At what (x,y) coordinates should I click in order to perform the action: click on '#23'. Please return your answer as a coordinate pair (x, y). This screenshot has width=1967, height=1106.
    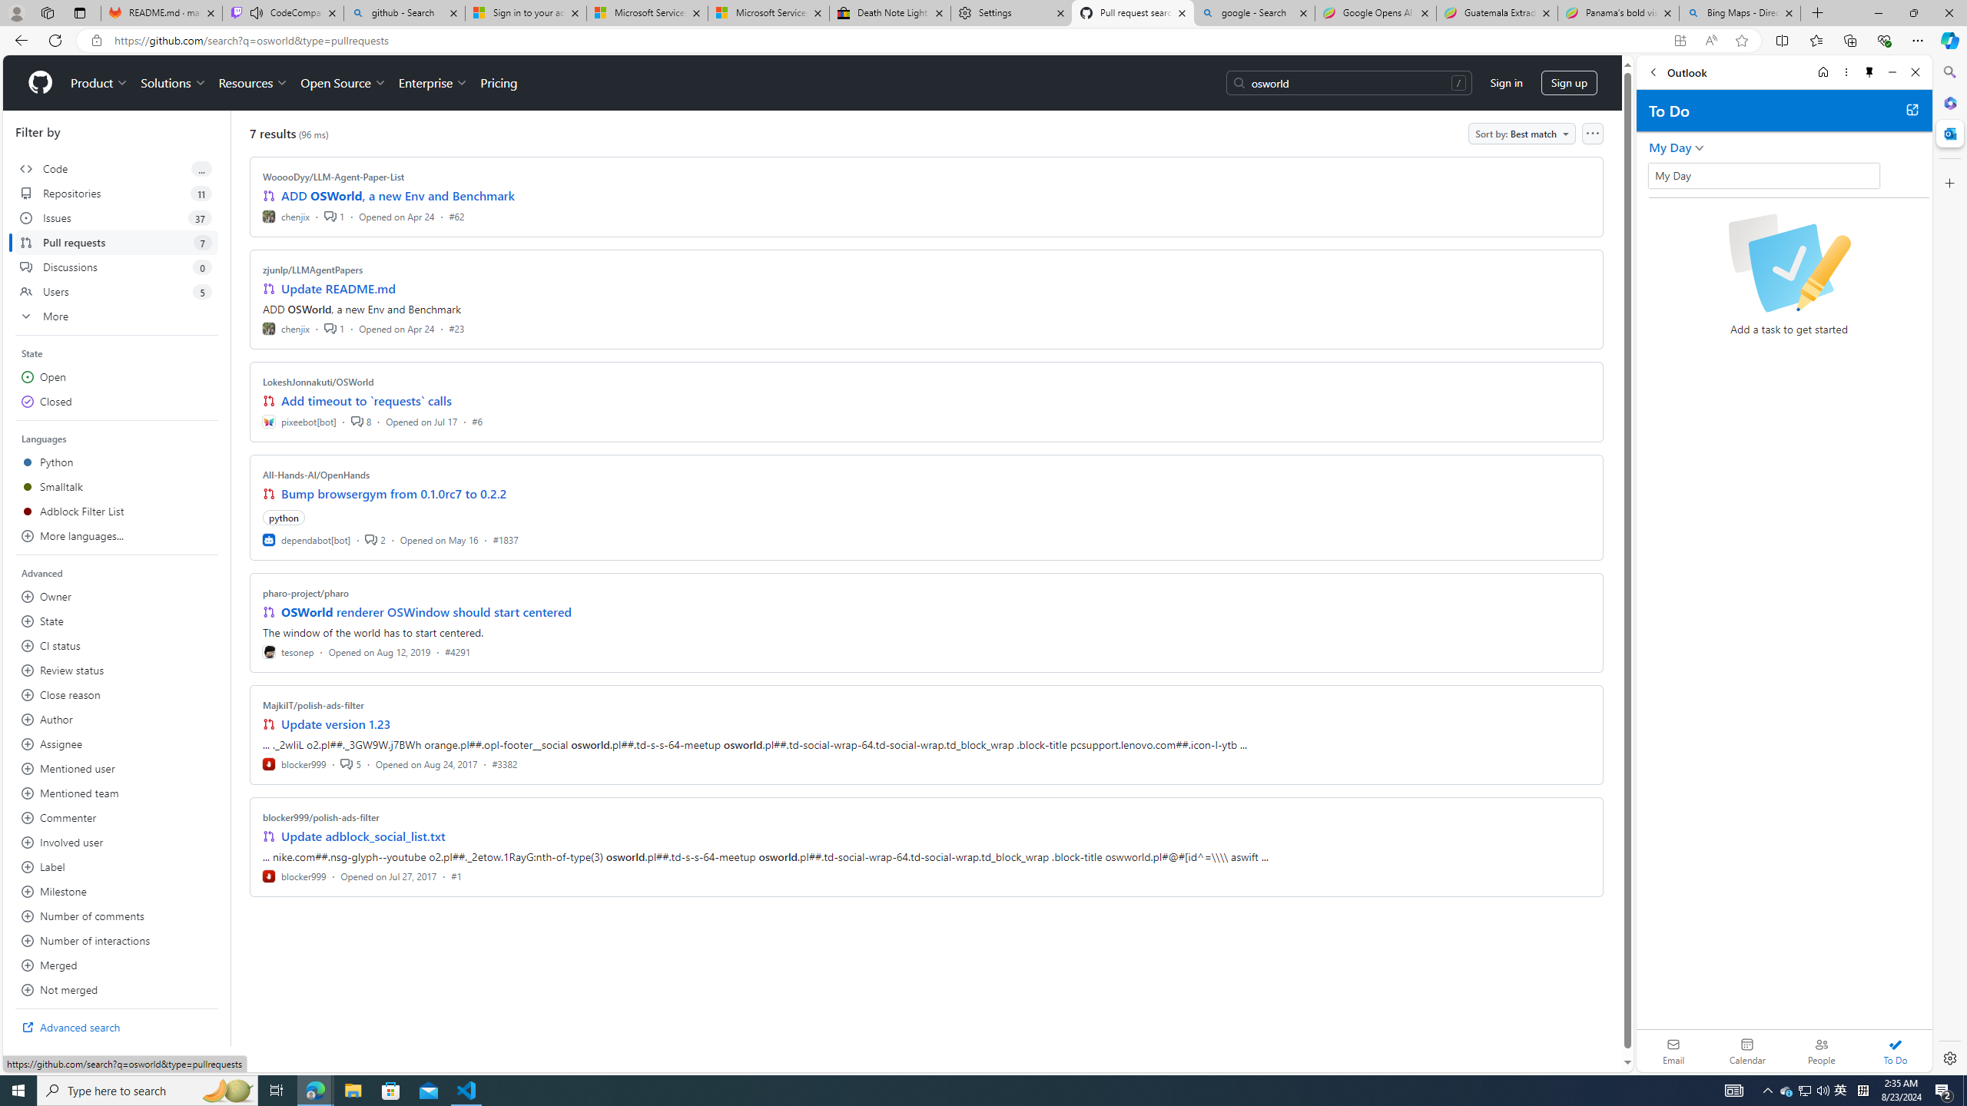
    Looking at the image, I should click on (455, 326).